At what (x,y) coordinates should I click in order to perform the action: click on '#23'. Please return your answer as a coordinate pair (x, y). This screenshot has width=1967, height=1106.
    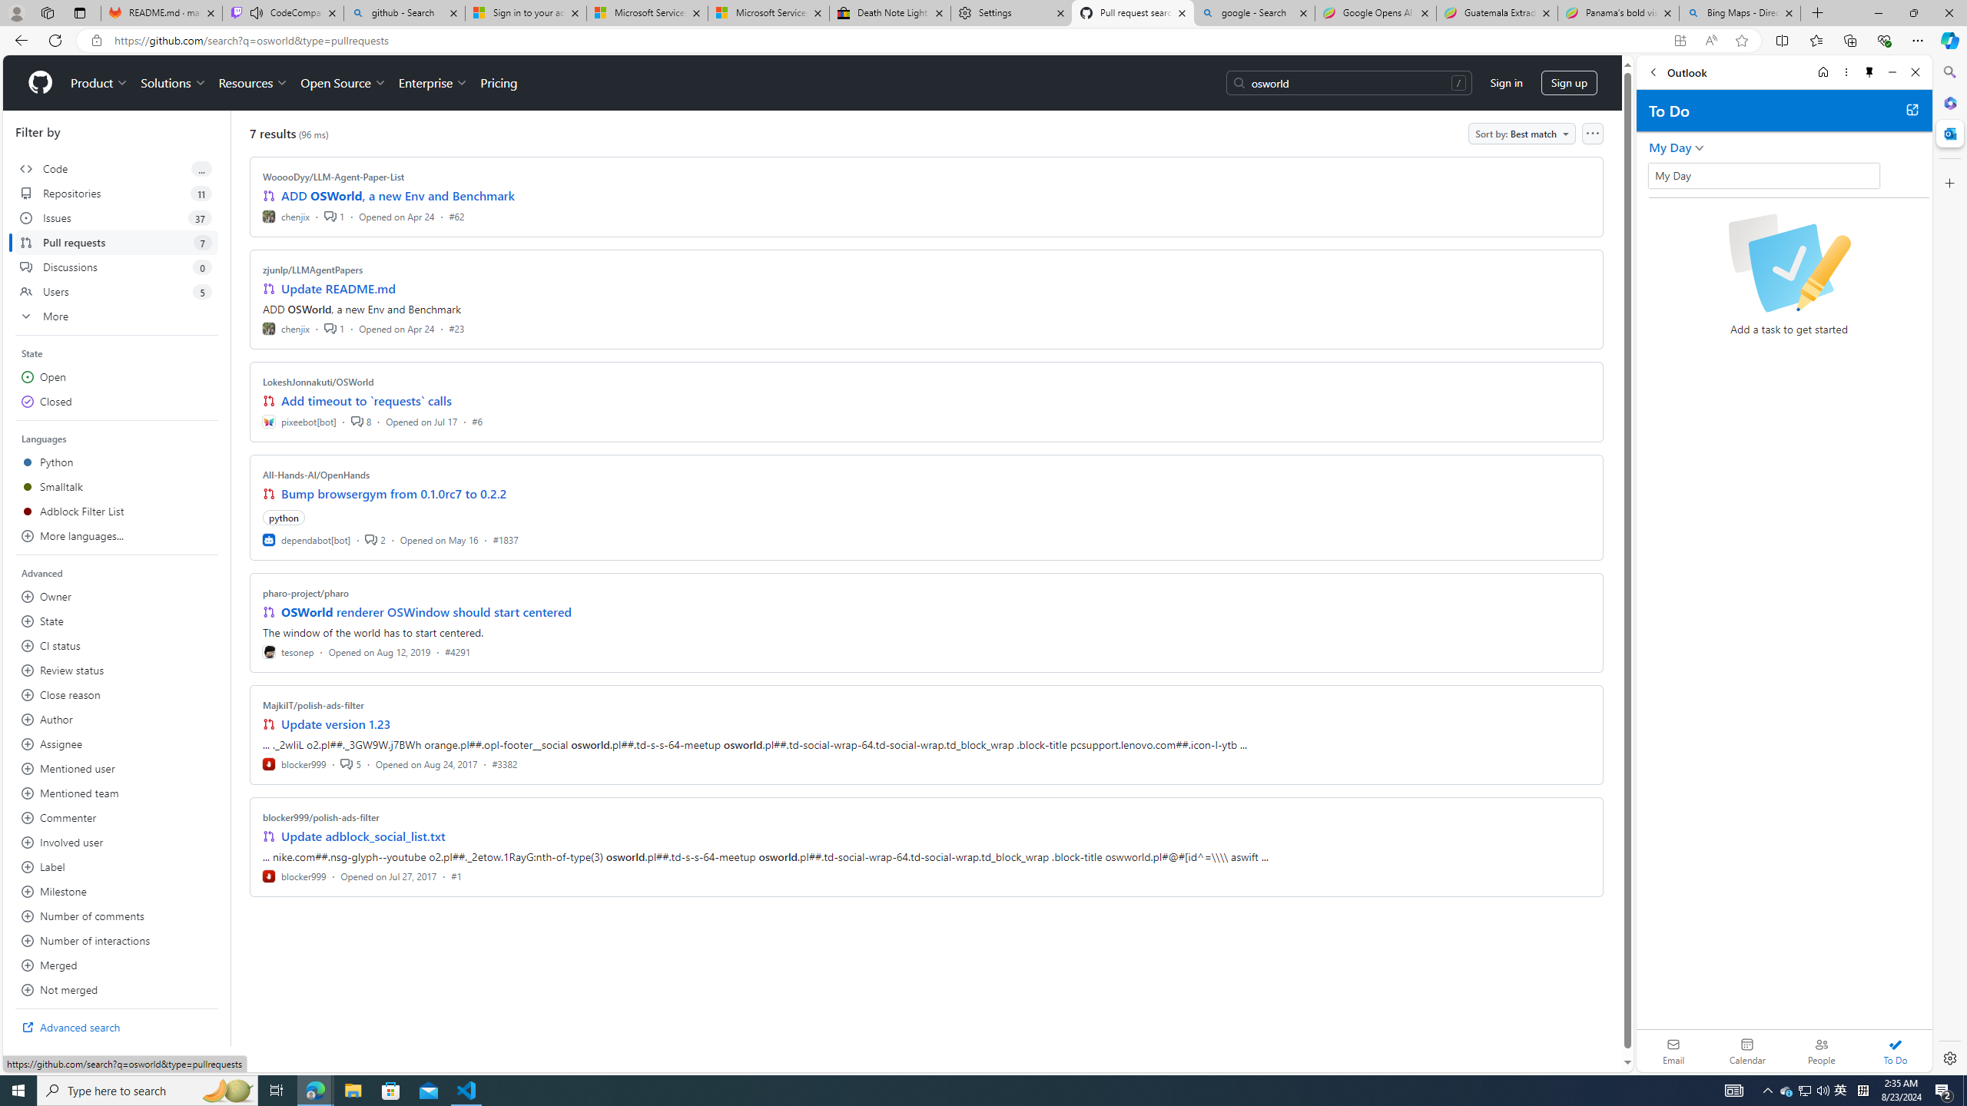
    Looking at the image, I should click on (455, 326).